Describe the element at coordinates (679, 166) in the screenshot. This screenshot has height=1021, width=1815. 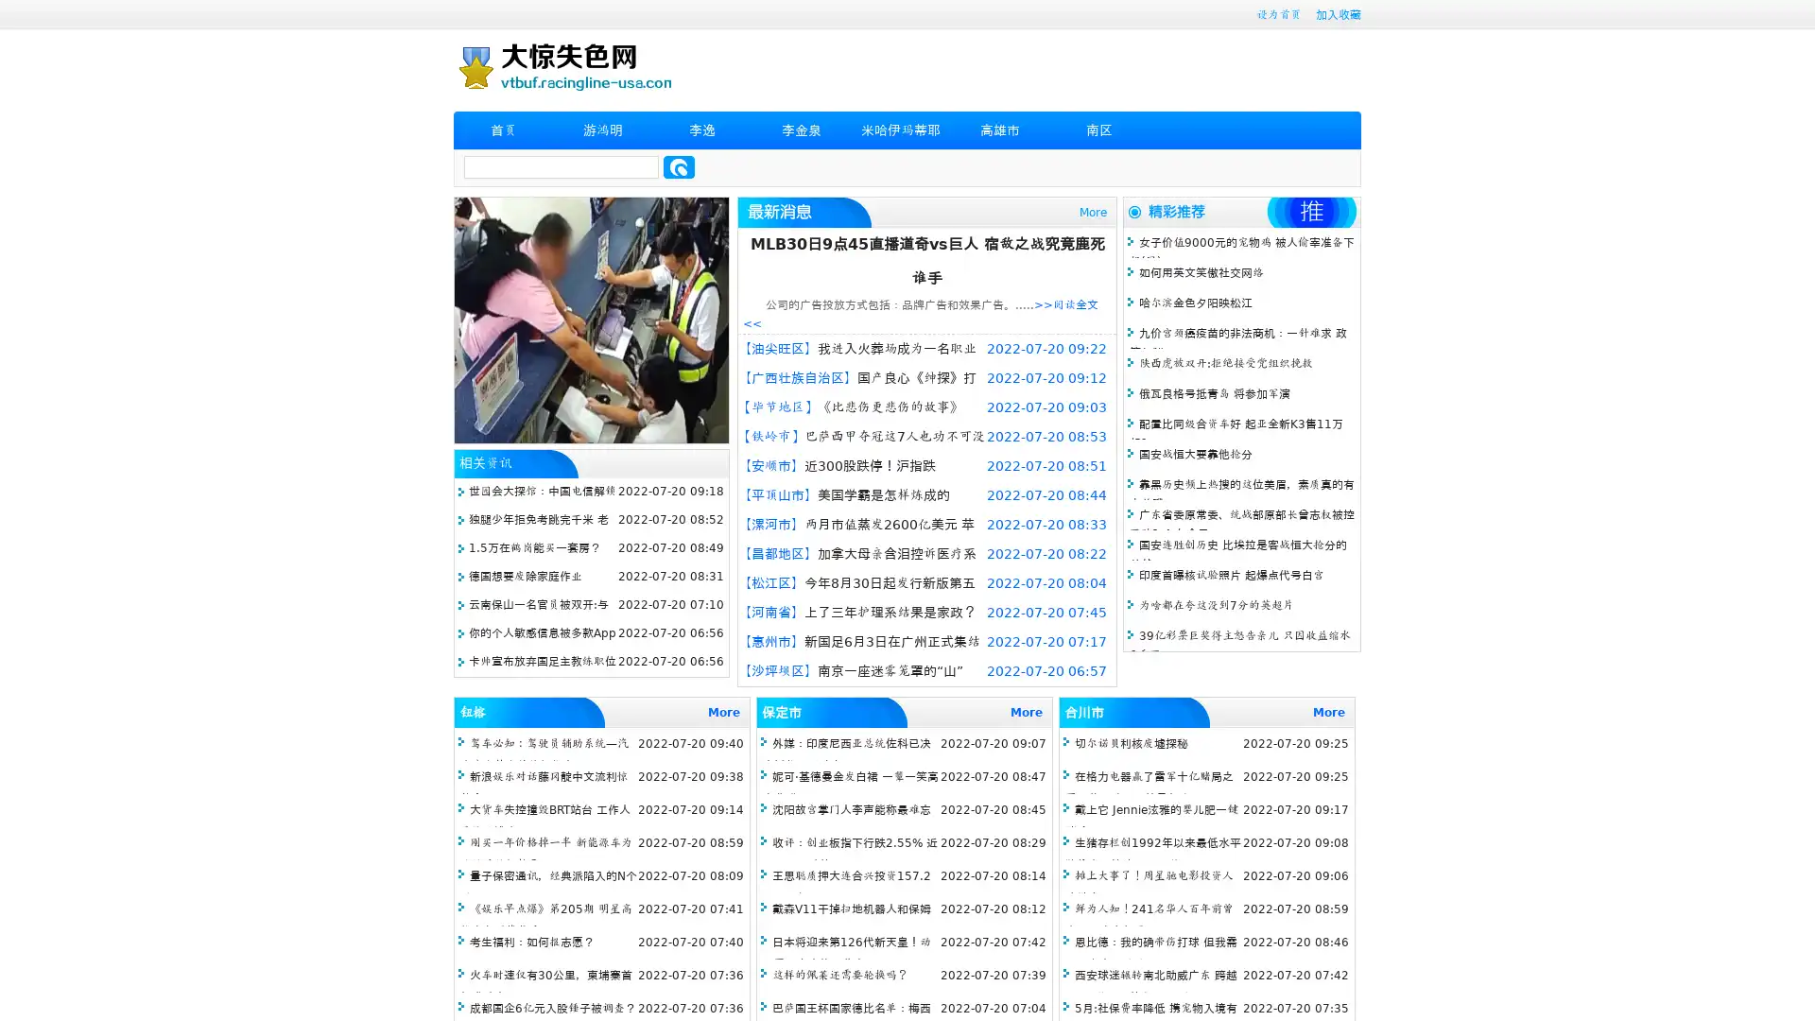
I see `Search` at that location.